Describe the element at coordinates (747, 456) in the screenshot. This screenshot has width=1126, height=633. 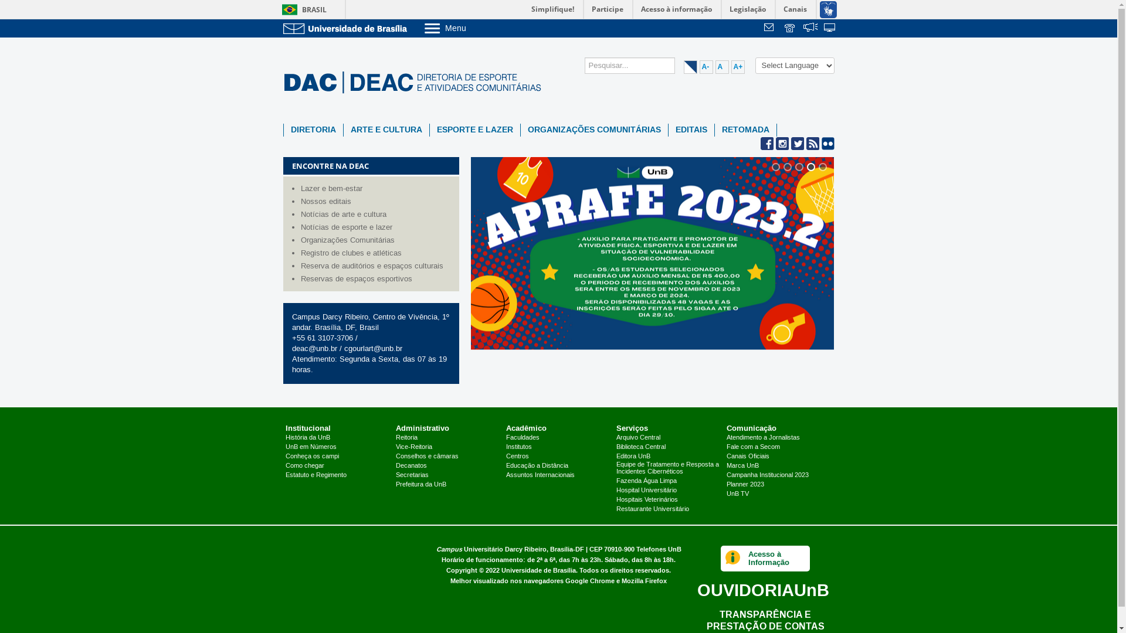
I see `'Canais Oficiais'` at that location.